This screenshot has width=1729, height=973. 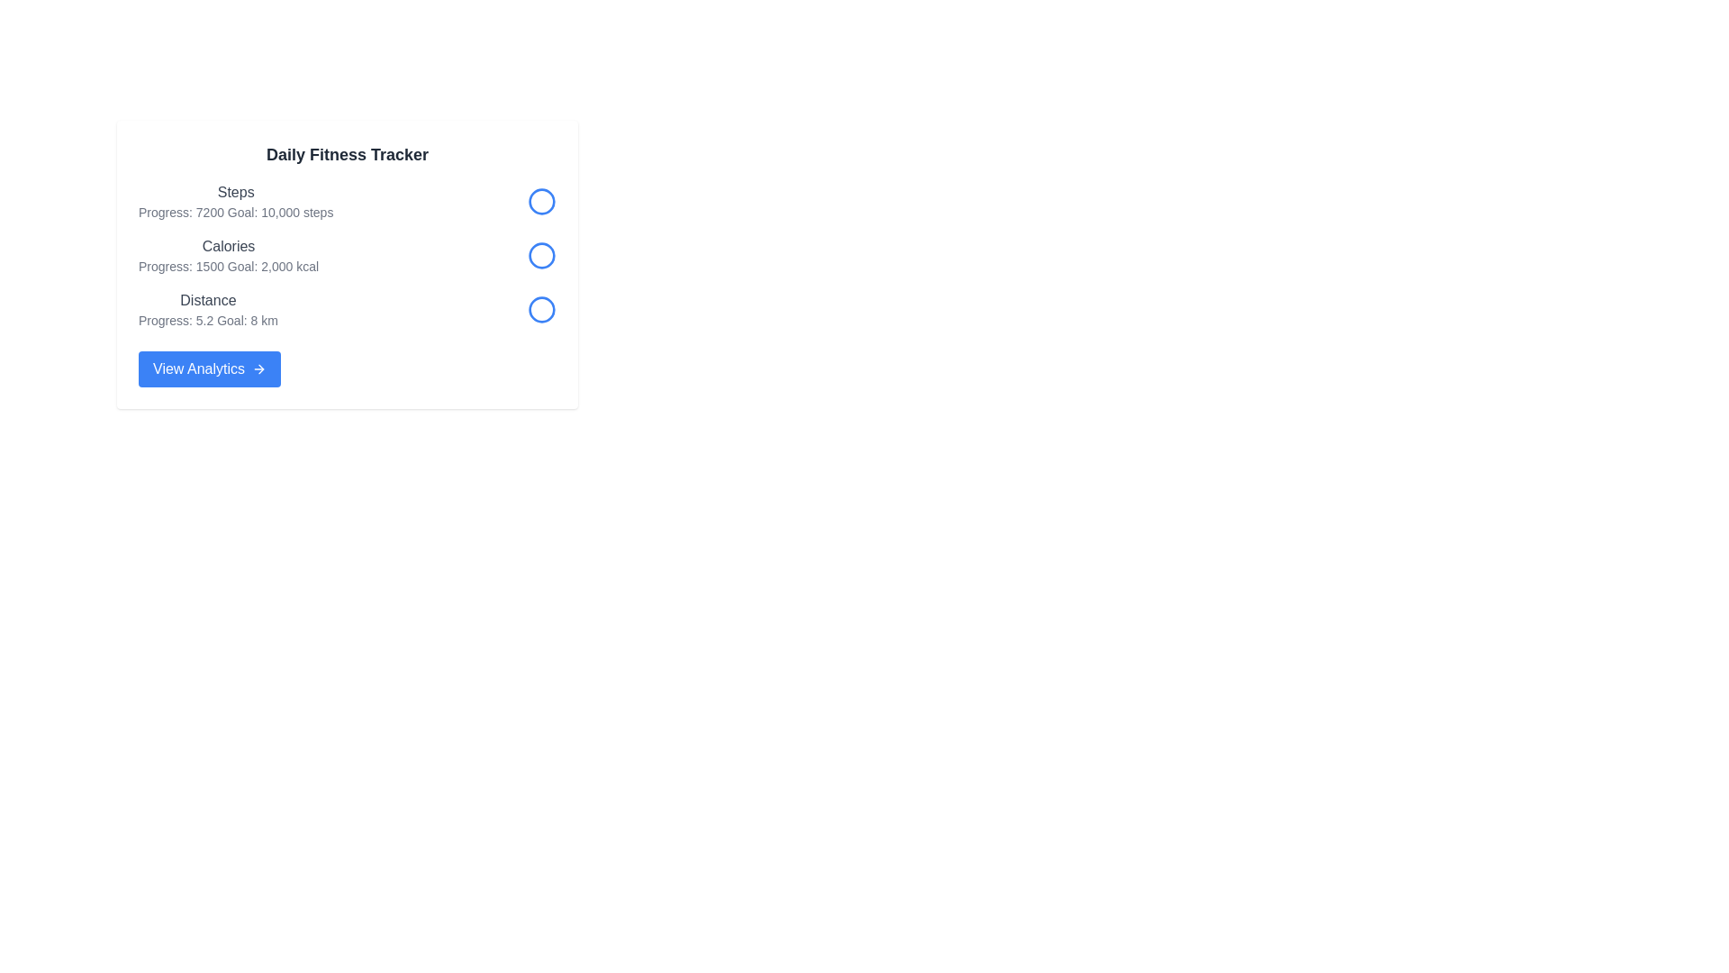 I want to click on the circular icon related to the 'Calories' section, so click(x=540, y=256).